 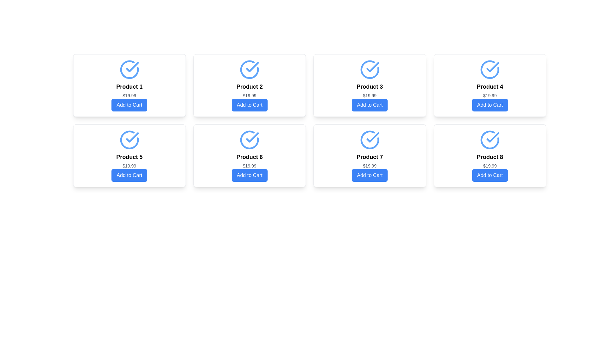 What do you see at coordinates (249, 85) in the screenshot?
I see `the Product Card located in the top row, second column of the product grid` at bounding box center [249, 85].